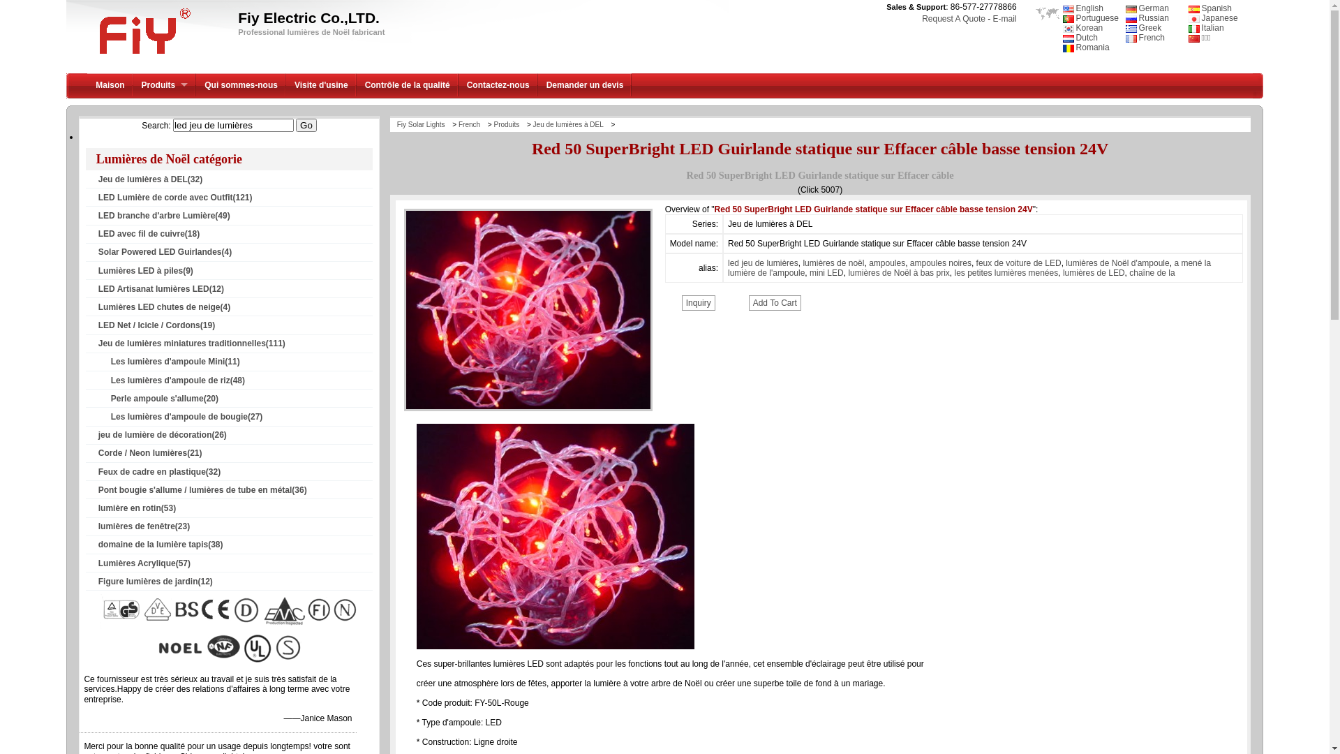  Describe the element at coordinates (1062, 8) in the screenshot. I see `'English'` at that location.